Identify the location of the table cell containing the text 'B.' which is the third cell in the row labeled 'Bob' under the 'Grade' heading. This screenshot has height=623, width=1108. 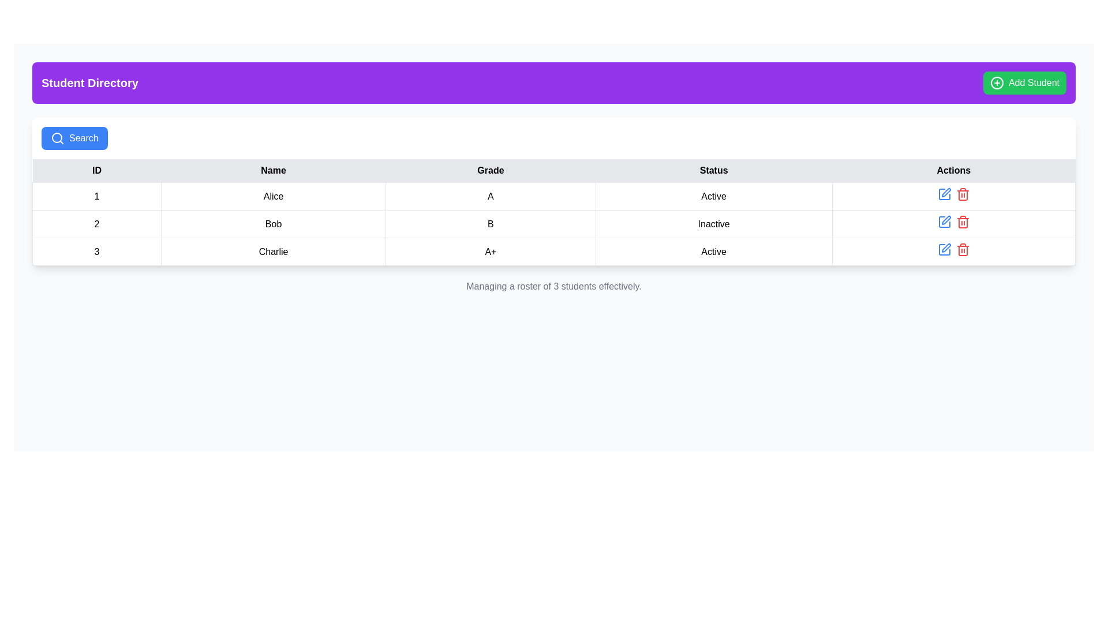
(491, 224).